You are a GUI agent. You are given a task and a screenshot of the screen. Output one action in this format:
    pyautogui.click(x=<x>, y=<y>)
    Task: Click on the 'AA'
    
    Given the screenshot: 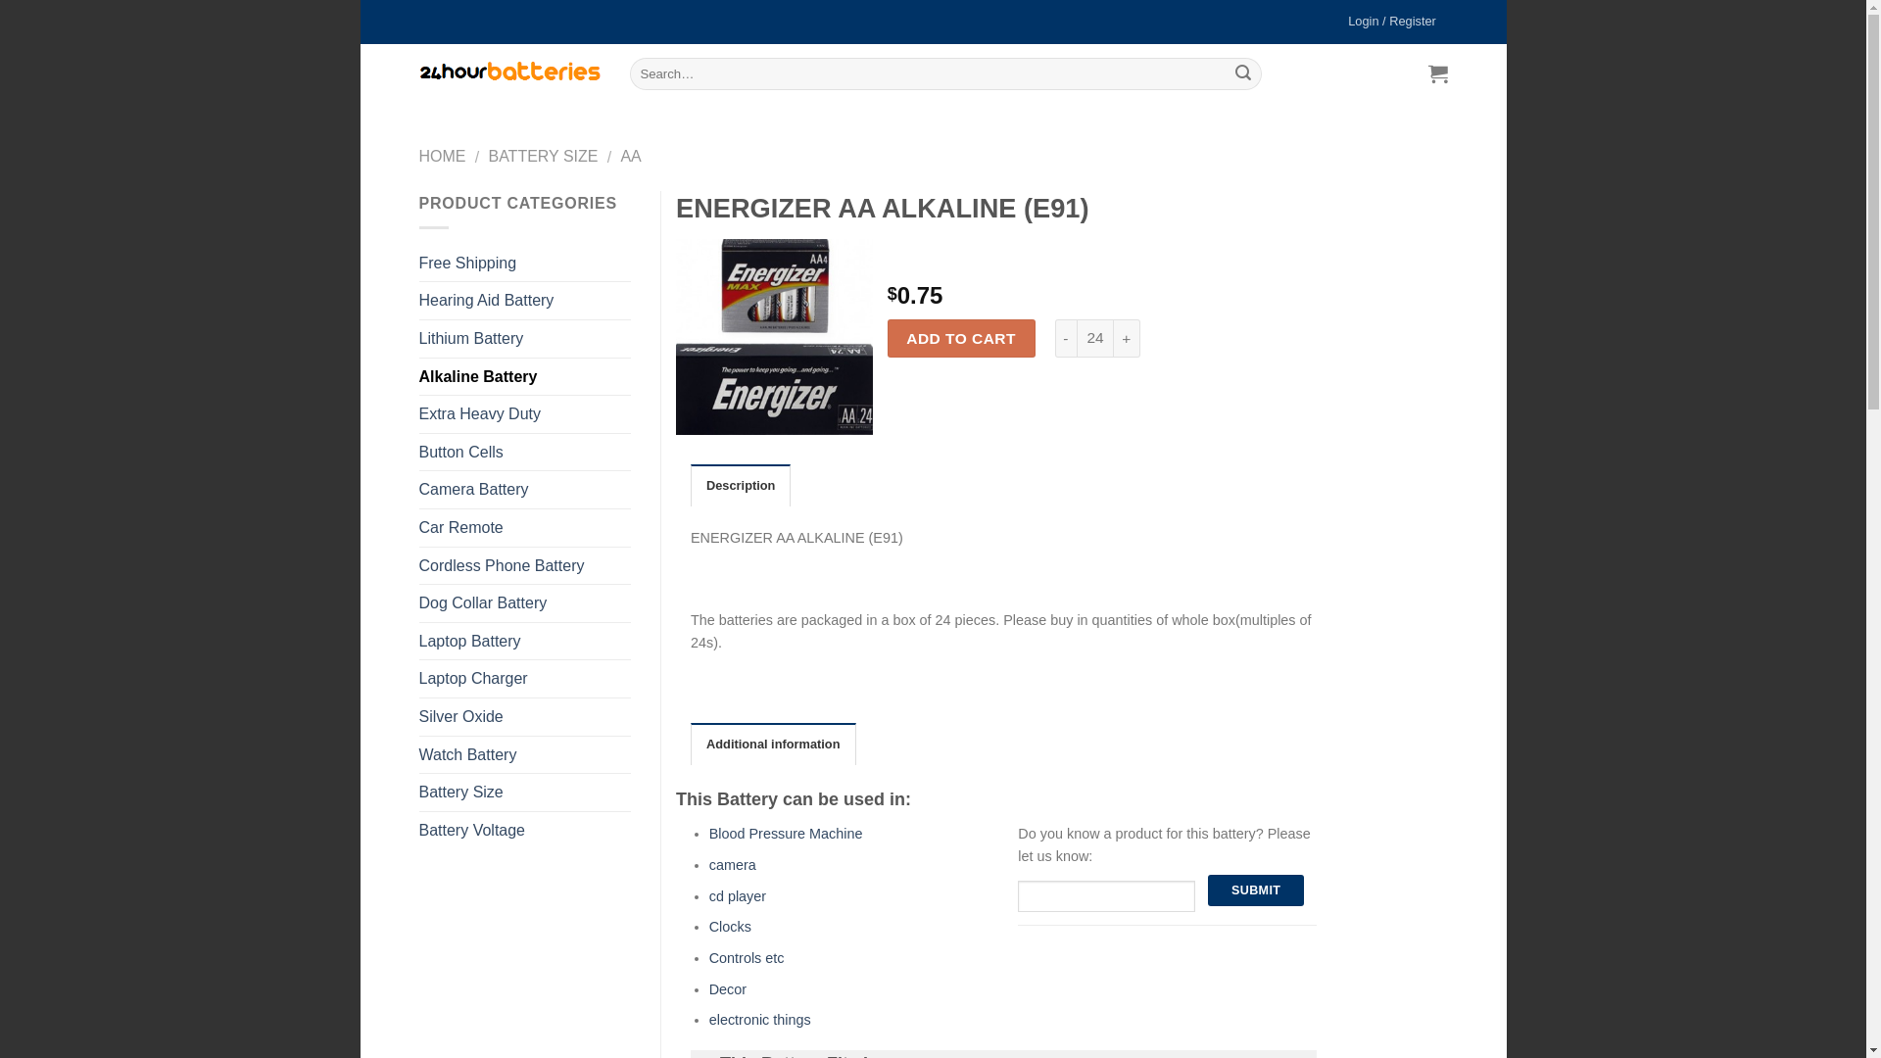 What is the action you would take?
    pyautogui.click(x=619, y=155)
    